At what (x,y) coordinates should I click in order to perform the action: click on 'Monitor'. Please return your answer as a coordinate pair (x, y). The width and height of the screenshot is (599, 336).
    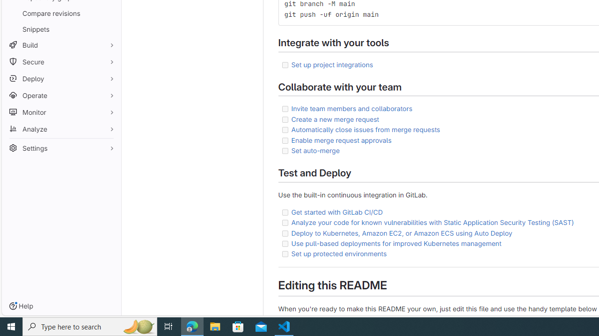
    Looking at the image, I should click on (61, 112).